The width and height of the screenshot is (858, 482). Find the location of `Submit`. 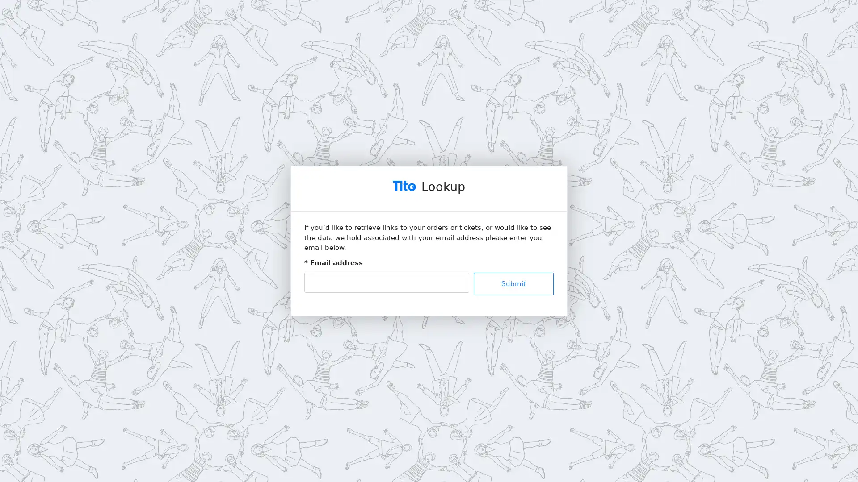

Submit is located at coordinates (513, 283).